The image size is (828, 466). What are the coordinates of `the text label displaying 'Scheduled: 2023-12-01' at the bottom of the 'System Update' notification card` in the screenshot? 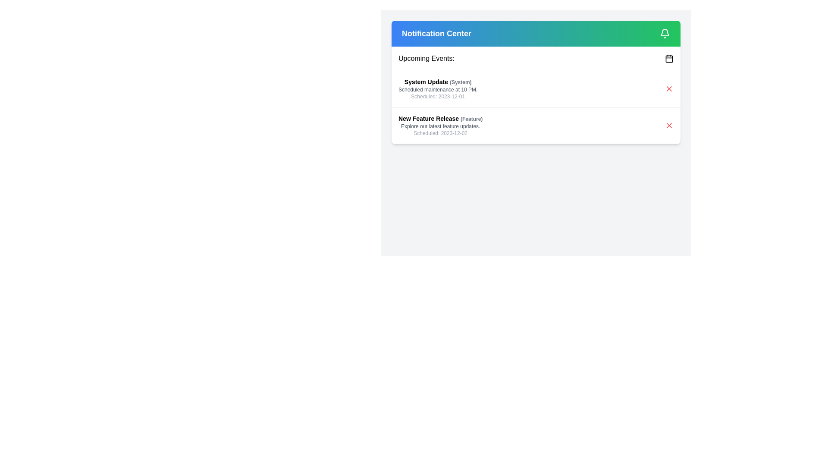 It's located at (438, 96).